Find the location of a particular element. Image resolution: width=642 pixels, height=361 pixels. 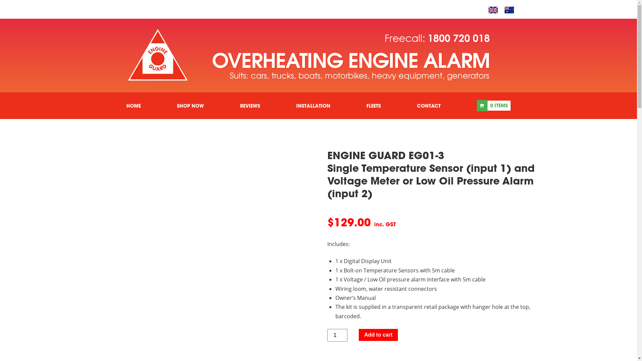

'REVIEWS' is located at coordinates (250, 105).